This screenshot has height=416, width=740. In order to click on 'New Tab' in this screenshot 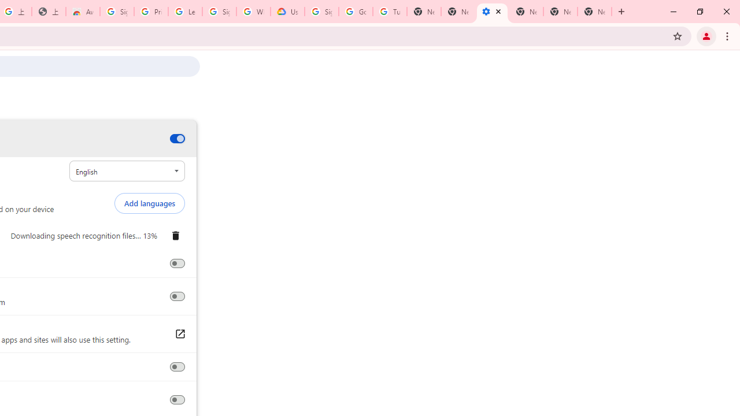, I will do `click(594, 12)`.